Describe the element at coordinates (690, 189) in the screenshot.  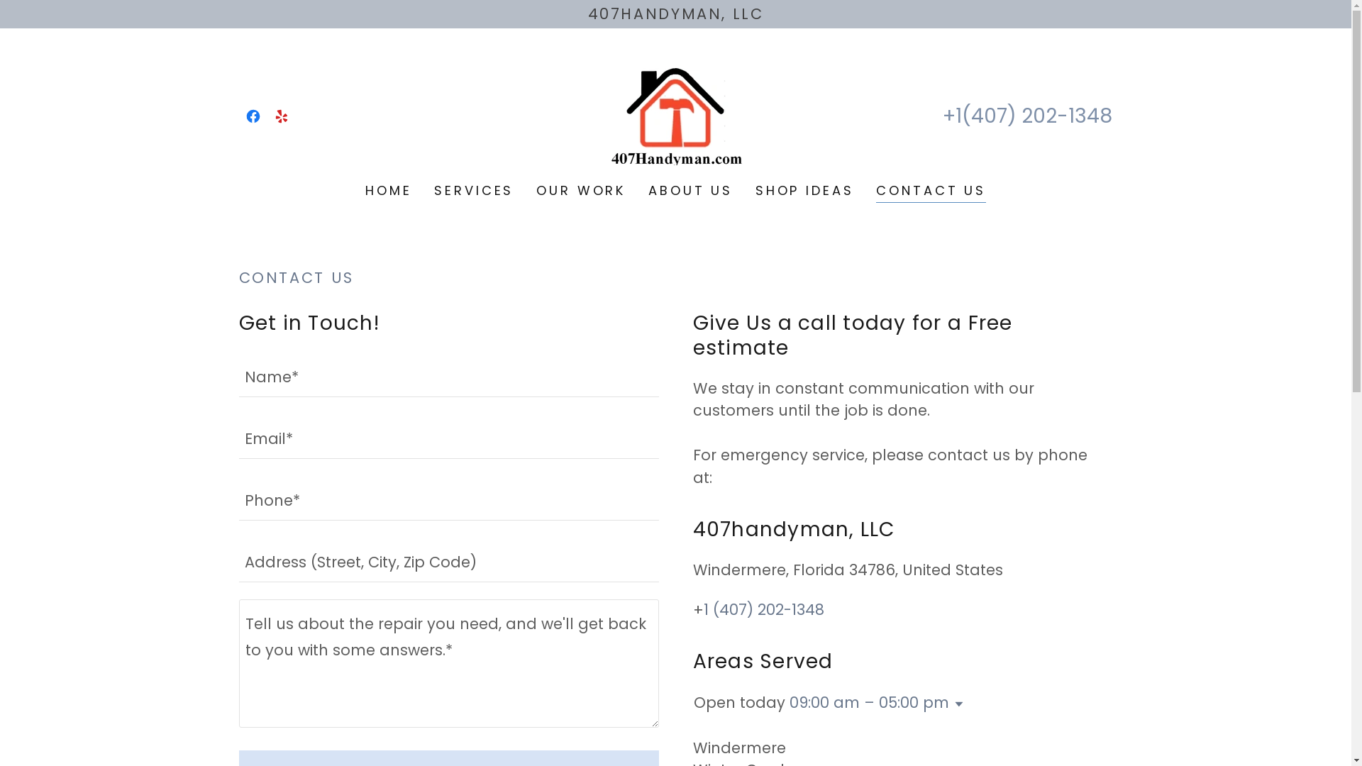
I see `'ABOUT US'` at that location.